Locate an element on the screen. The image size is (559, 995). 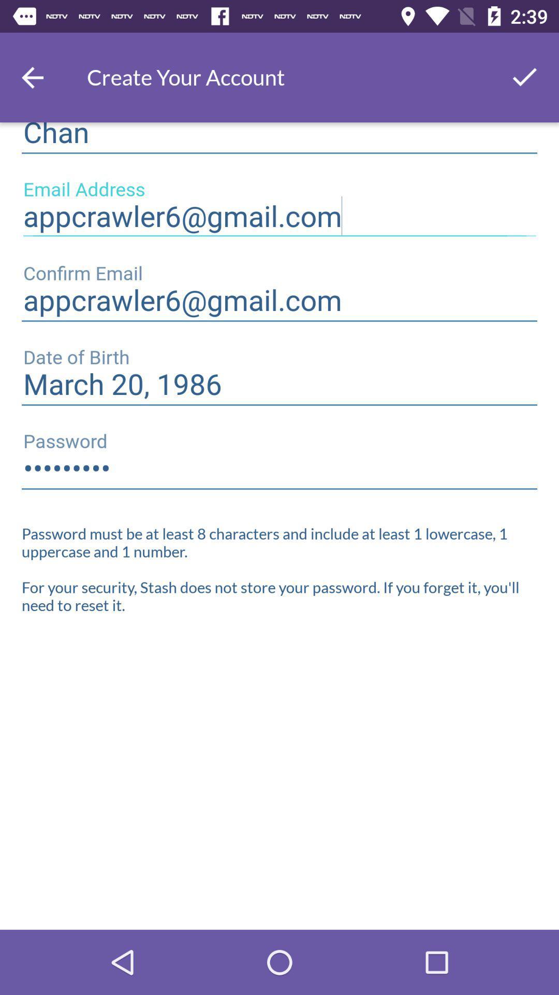
the arrow_backward icon is located at coordinates (32, 77).